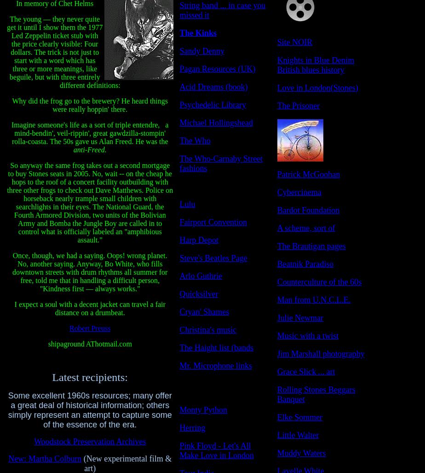 The width and height of the screenshot is (425, 473). Describe the element at coordinates (179, 428) in the screenshot. I see `'Herring'` at that location.